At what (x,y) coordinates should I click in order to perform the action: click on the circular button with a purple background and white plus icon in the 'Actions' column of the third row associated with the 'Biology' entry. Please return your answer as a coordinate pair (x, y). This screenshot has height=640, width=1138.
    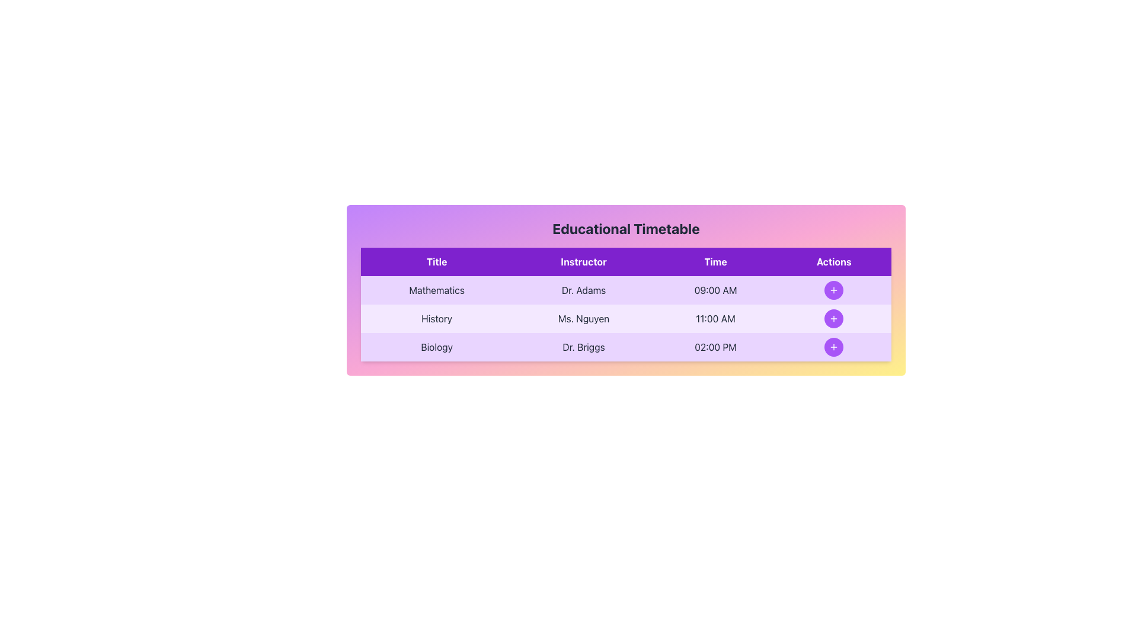
    Looking at the image, I should click on (833, 347).